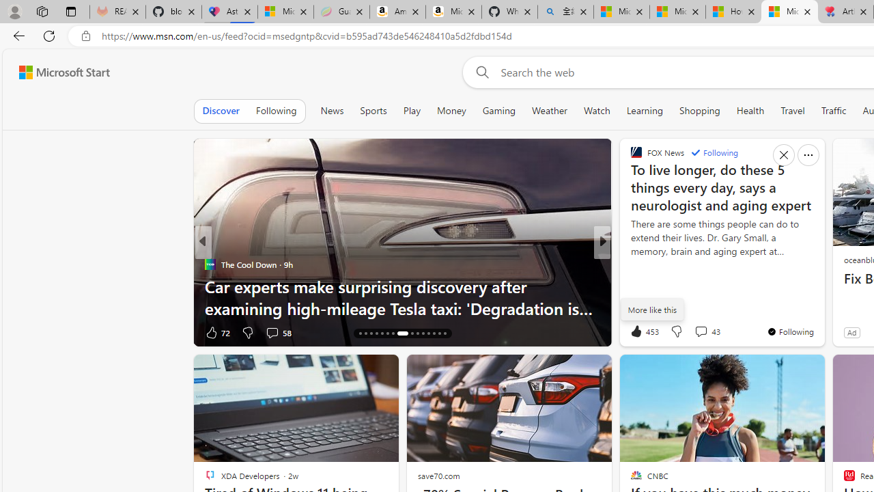 The width and height of the screenshot is (874, 492). Describe the element at coordinates (365, 333) in the screenshot. I see `'AutomationID: tab-17'` at that location.